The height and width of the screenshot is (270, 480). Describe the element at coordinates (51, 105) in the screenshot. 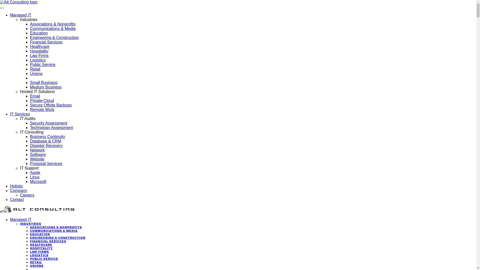

I see `'Secure Offsite Backups'` at that location.